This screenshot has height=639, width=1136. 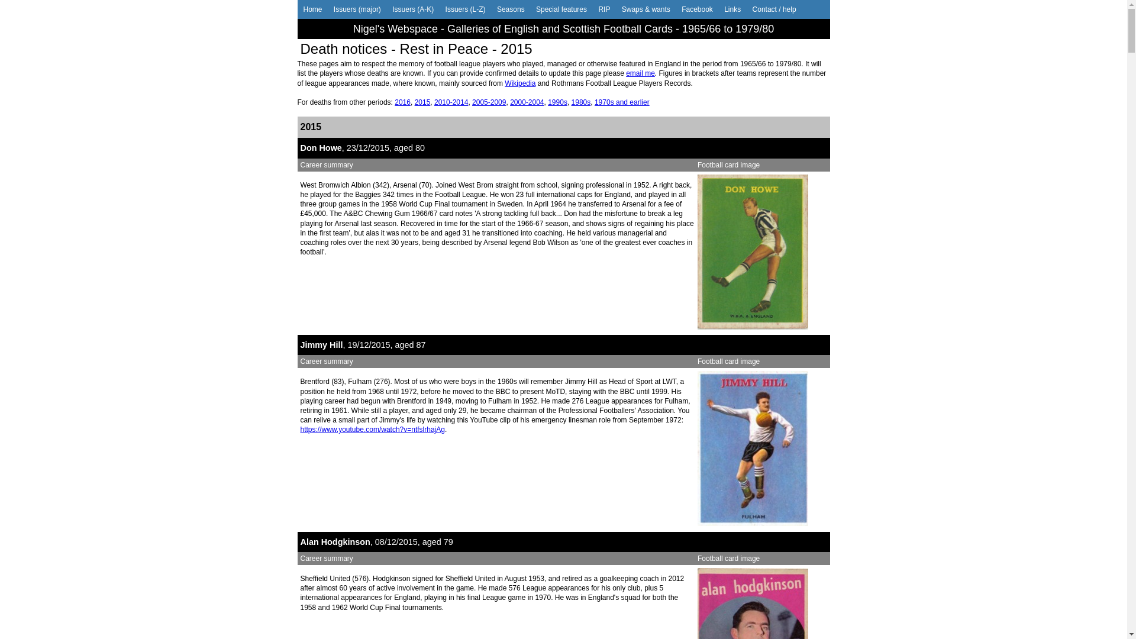 I want to click on 'Links', so click(x=732, y=9).